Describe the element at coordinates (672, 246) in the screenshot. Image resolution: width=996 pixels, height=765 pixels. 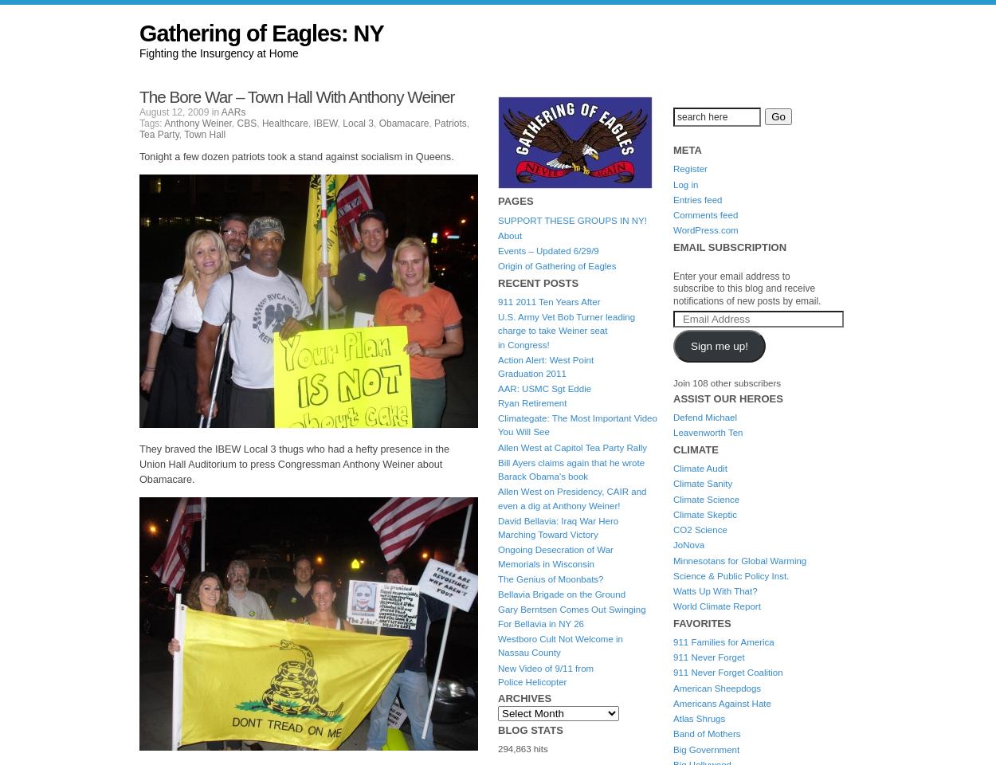
I see `'Email Subscription'` at that location.